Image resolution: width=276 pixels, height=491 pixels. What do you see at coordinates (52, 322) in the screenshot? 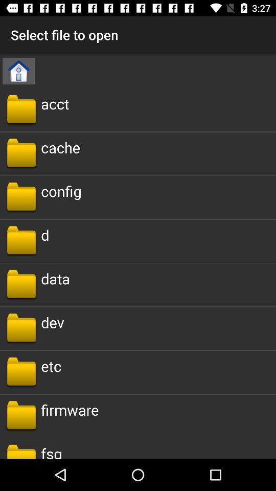
I see `dev` at bounding box center [52, 322].